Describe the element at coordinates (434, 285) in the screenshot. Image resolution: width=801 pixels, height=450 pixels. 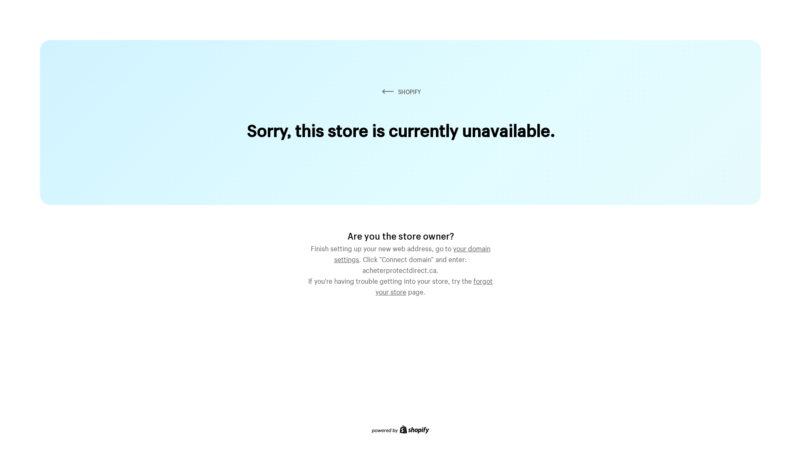
I see `'forgot your store'` at that location.